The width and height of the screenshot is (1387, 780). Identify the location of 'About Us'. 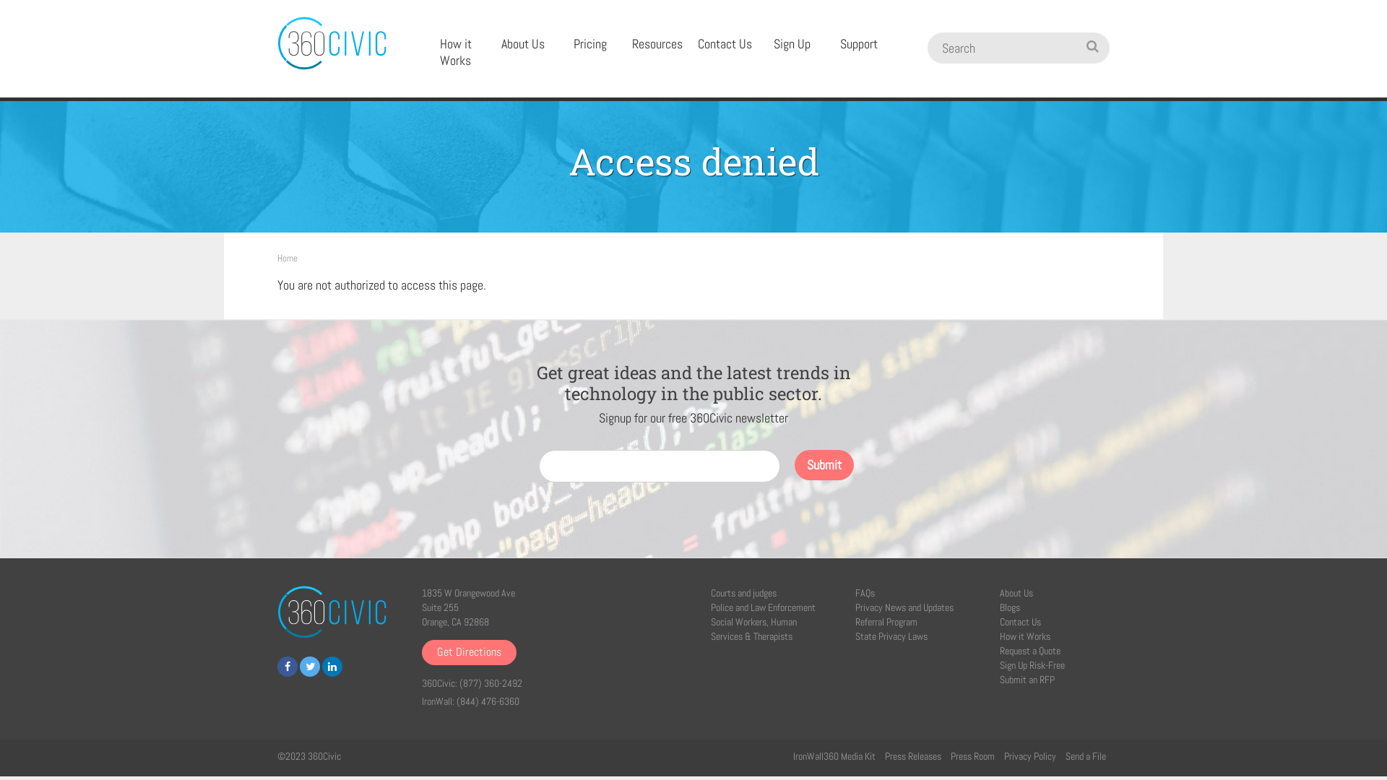
(1015, 593).